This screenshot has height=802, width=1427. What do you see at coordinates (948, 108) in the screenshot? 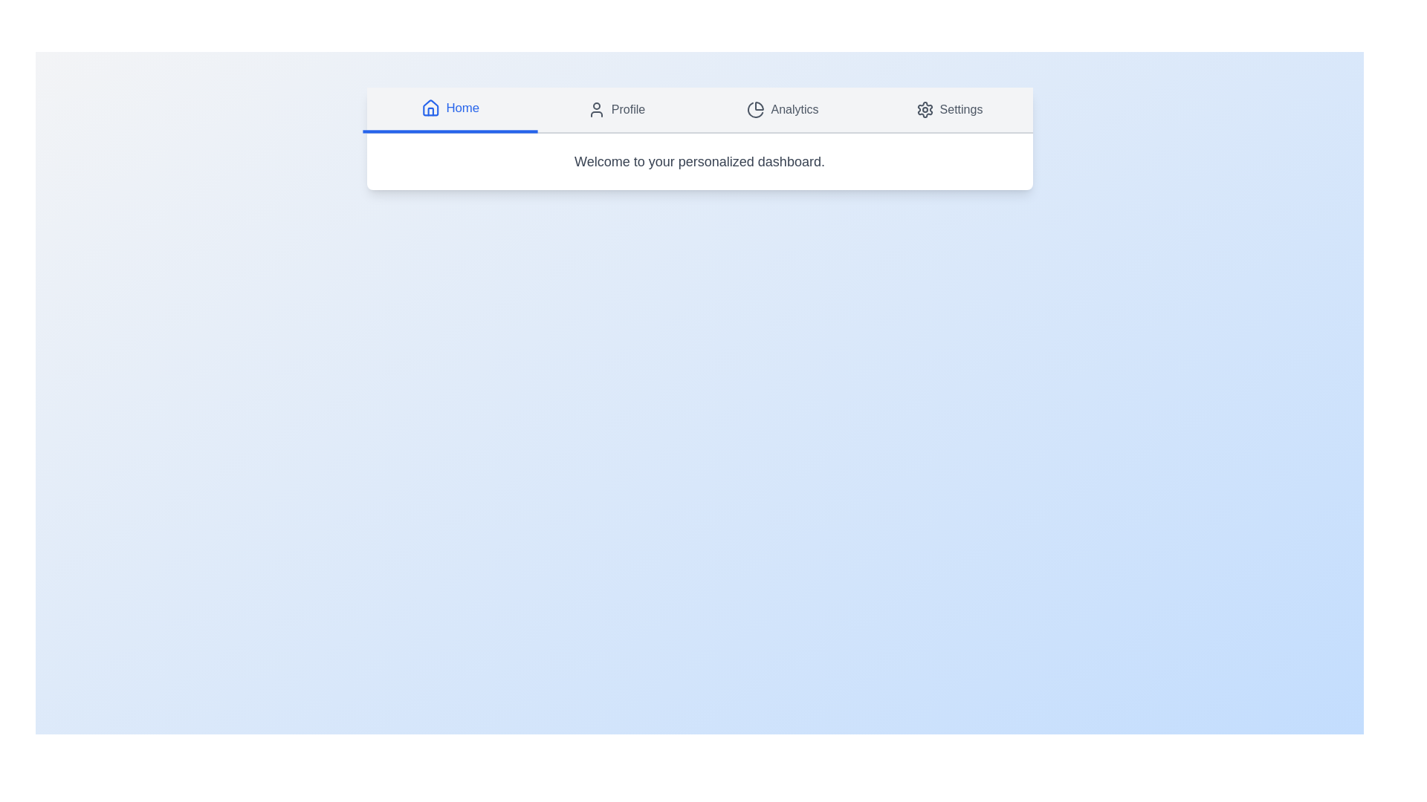
I see `the Settings tab` at bounding box center [948, 108].